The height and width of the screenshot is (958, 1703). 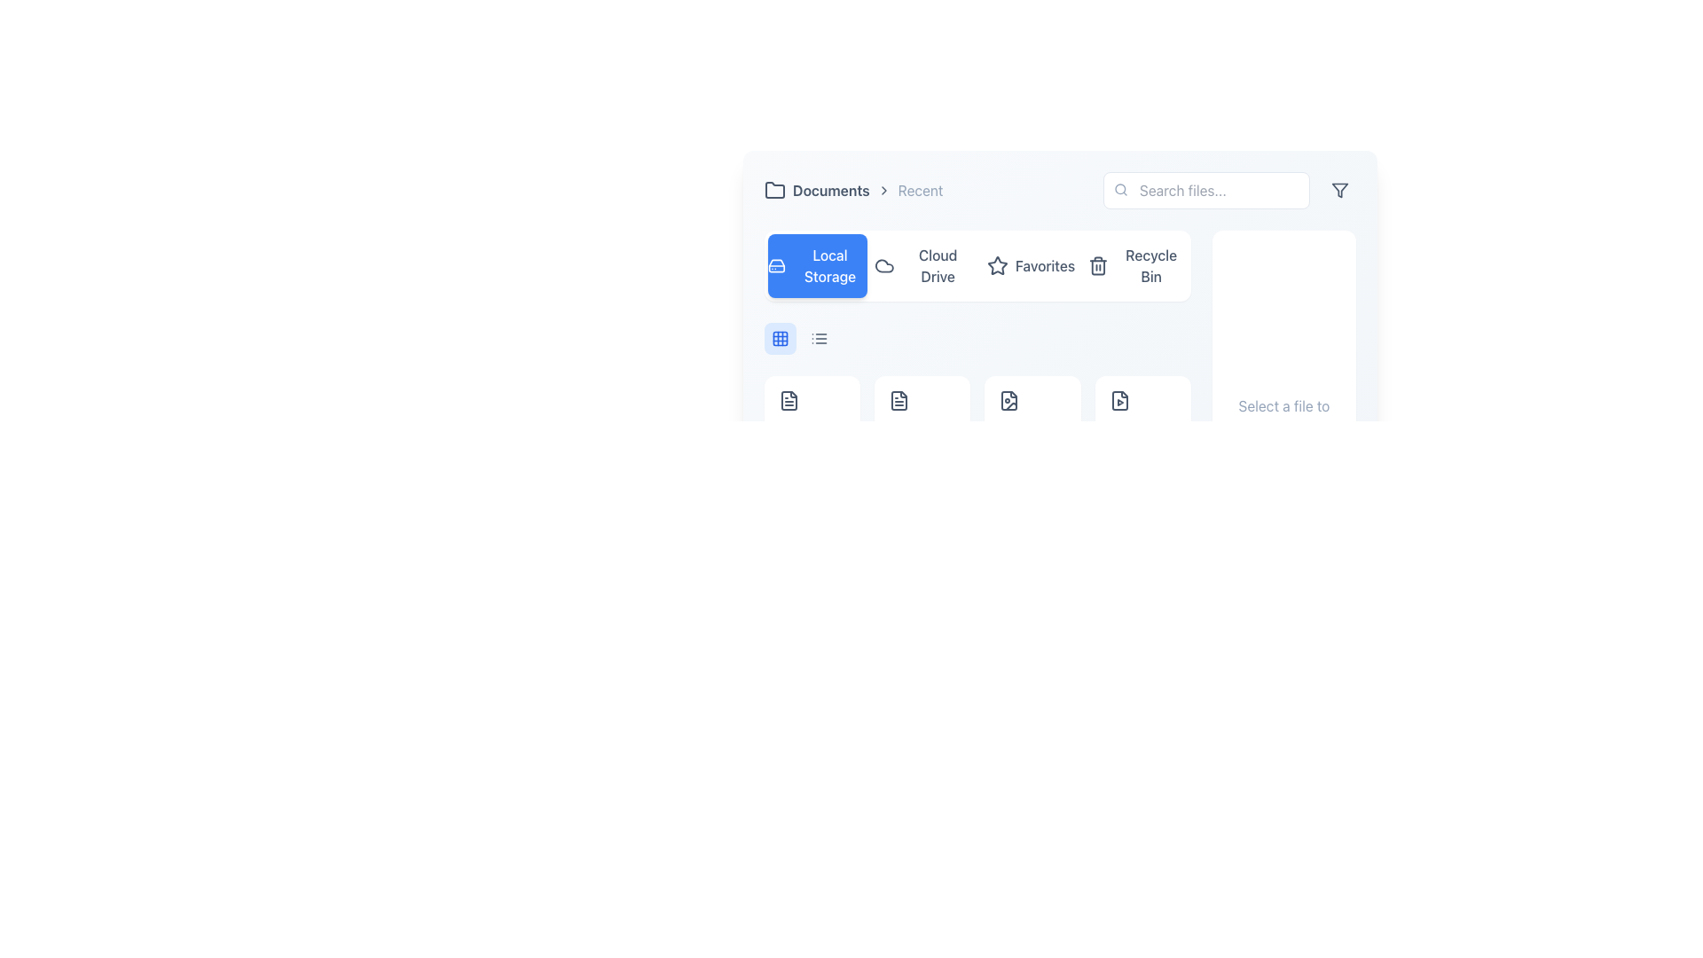 I want to click on the instructional text that guides the user to select a file, located in the center of the rightmost vertical panel of the interface, so click(x=1283, y=417).